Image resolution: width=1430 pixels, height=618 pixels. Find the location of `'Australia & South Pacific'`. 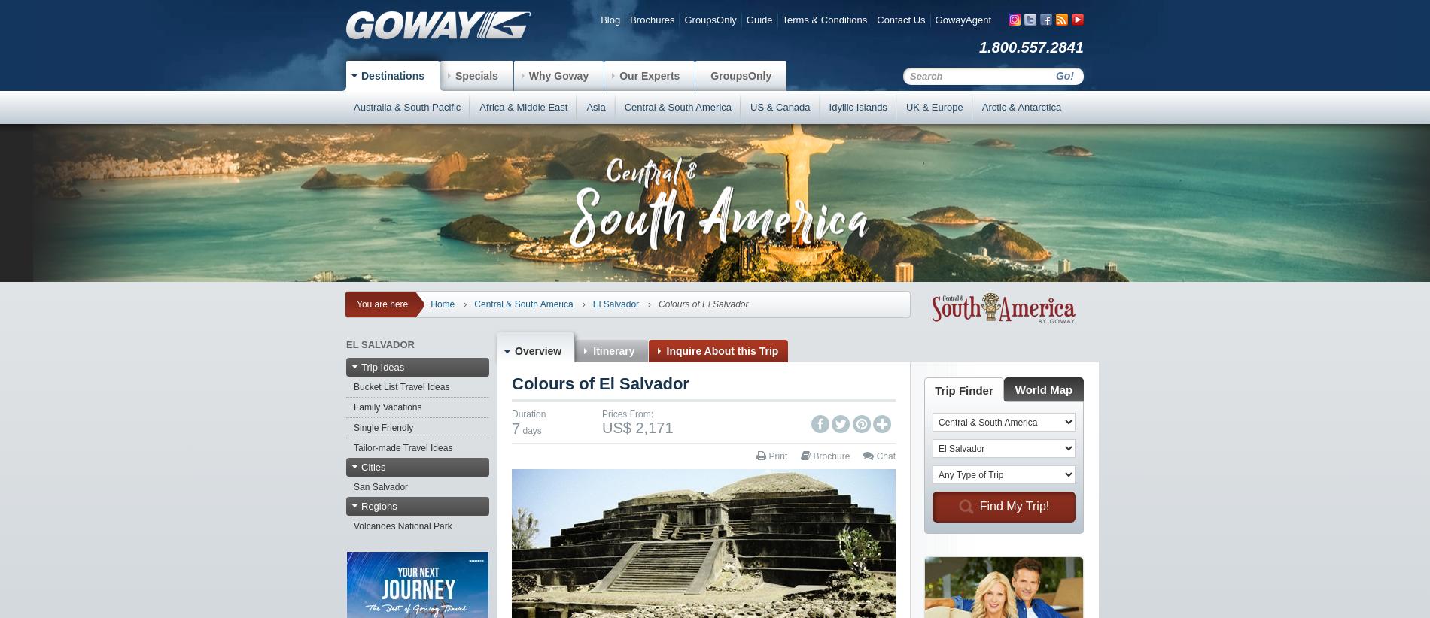

'Australia & South Pacific' is located at coordinates (353, 107).